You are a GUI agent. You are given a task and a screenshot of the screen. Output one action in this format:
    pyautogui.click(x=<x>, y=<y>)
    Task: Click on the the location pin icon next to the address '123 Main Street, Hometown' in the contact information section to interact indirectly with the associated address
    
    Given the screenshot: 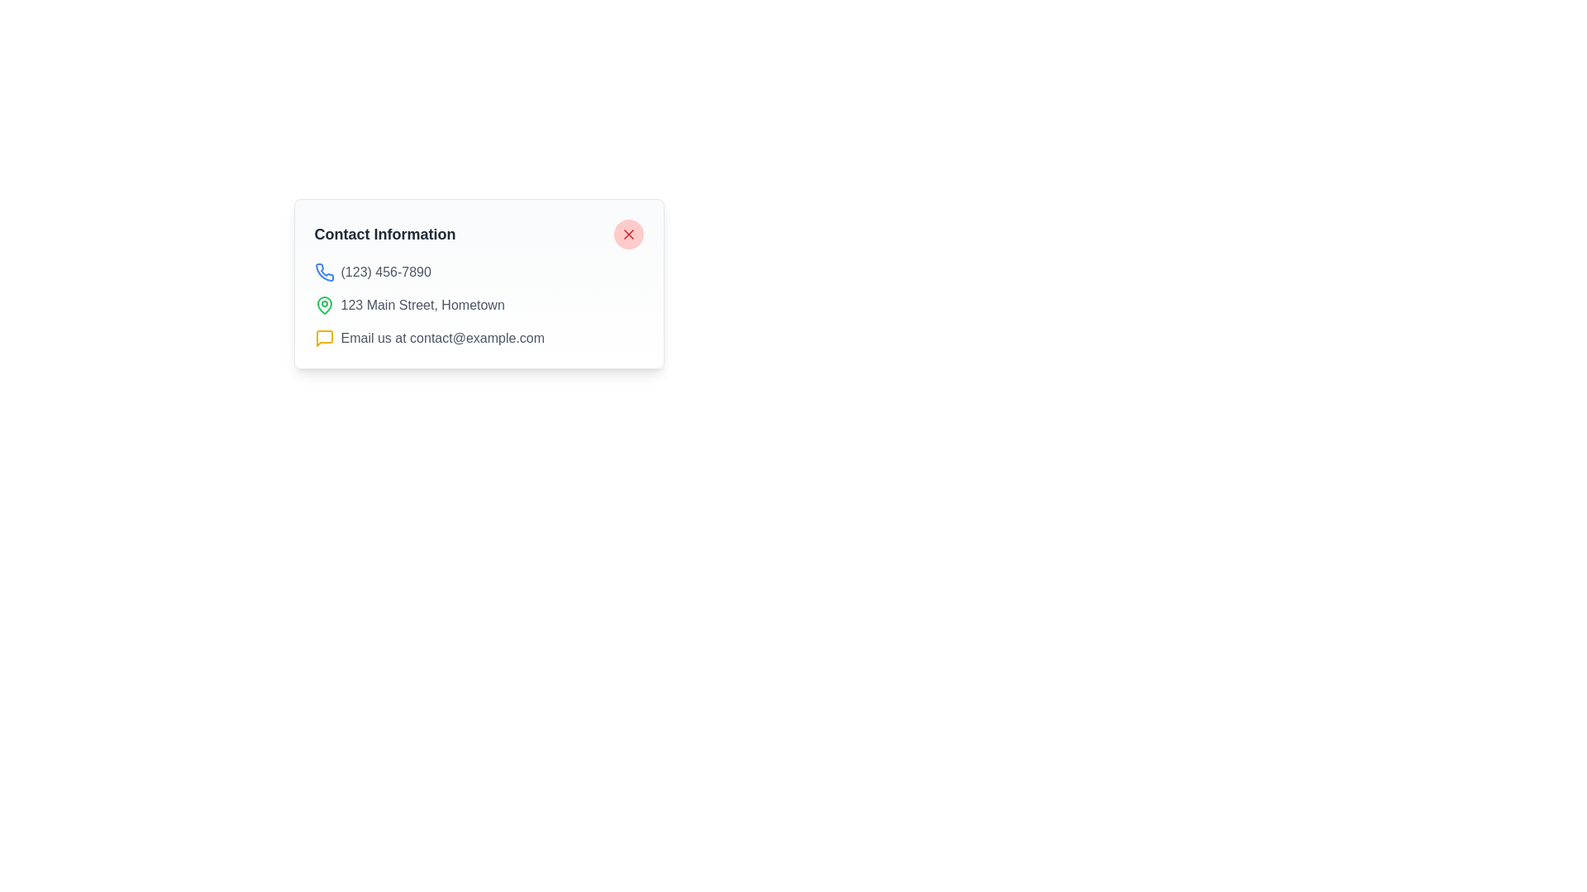 What is the action you would take?
    pyautogui.click(x=324, y=306)
    